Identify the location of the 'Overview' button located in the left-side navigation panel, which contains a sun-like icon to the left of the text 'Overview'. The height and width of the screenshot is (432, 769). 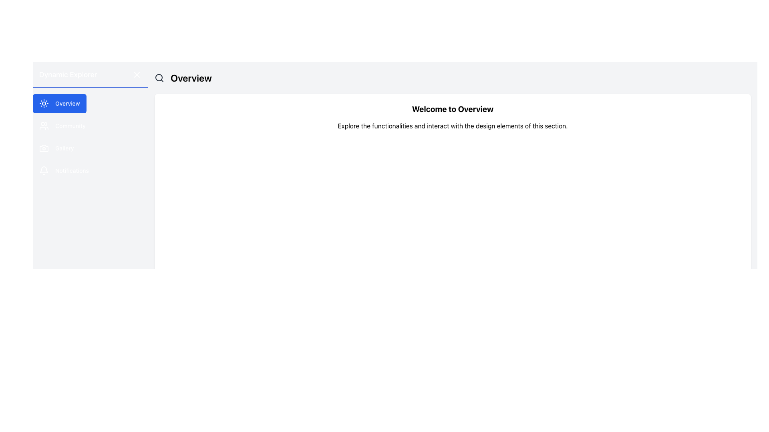
(44, 103).